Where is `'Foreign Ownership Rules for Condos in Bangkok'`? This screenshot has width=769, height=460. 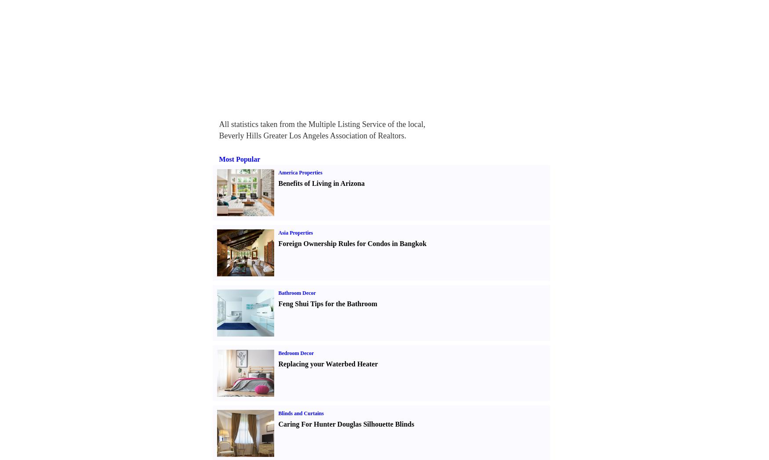 'Foreign Ownership Rules for Condos in Bangkok' is located at coordinates (352, 243).